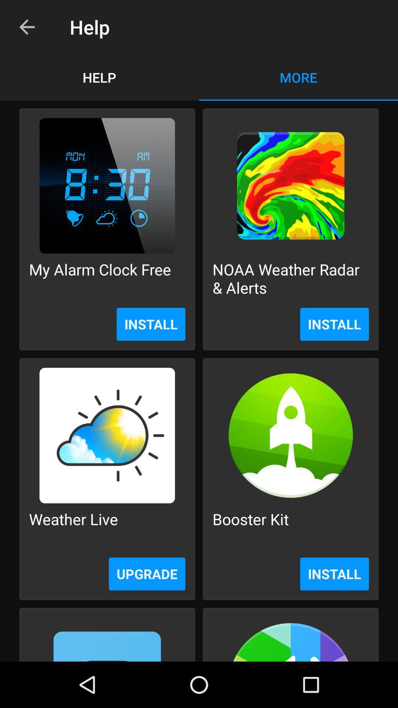 The width and height of the screenshot is (398, 708). I want to click on noaa weather radar item, so click(290, 278).